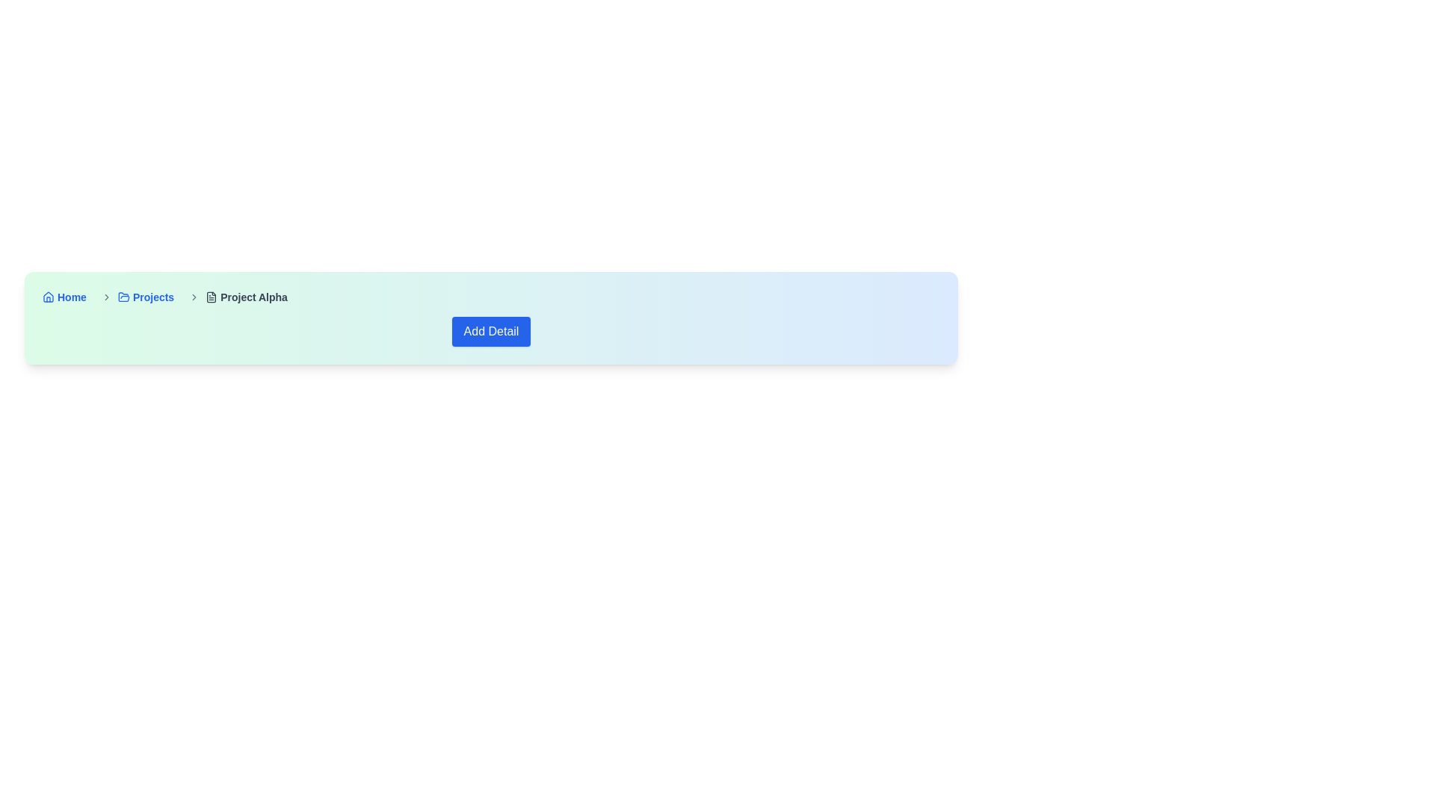 The image size is (1435, 807). What do you see at coordinates (235, 297) in the screenshot?
I see `the 'Project Alpha' item in the breadcrumb navigation` at bounding box center [235, 297].